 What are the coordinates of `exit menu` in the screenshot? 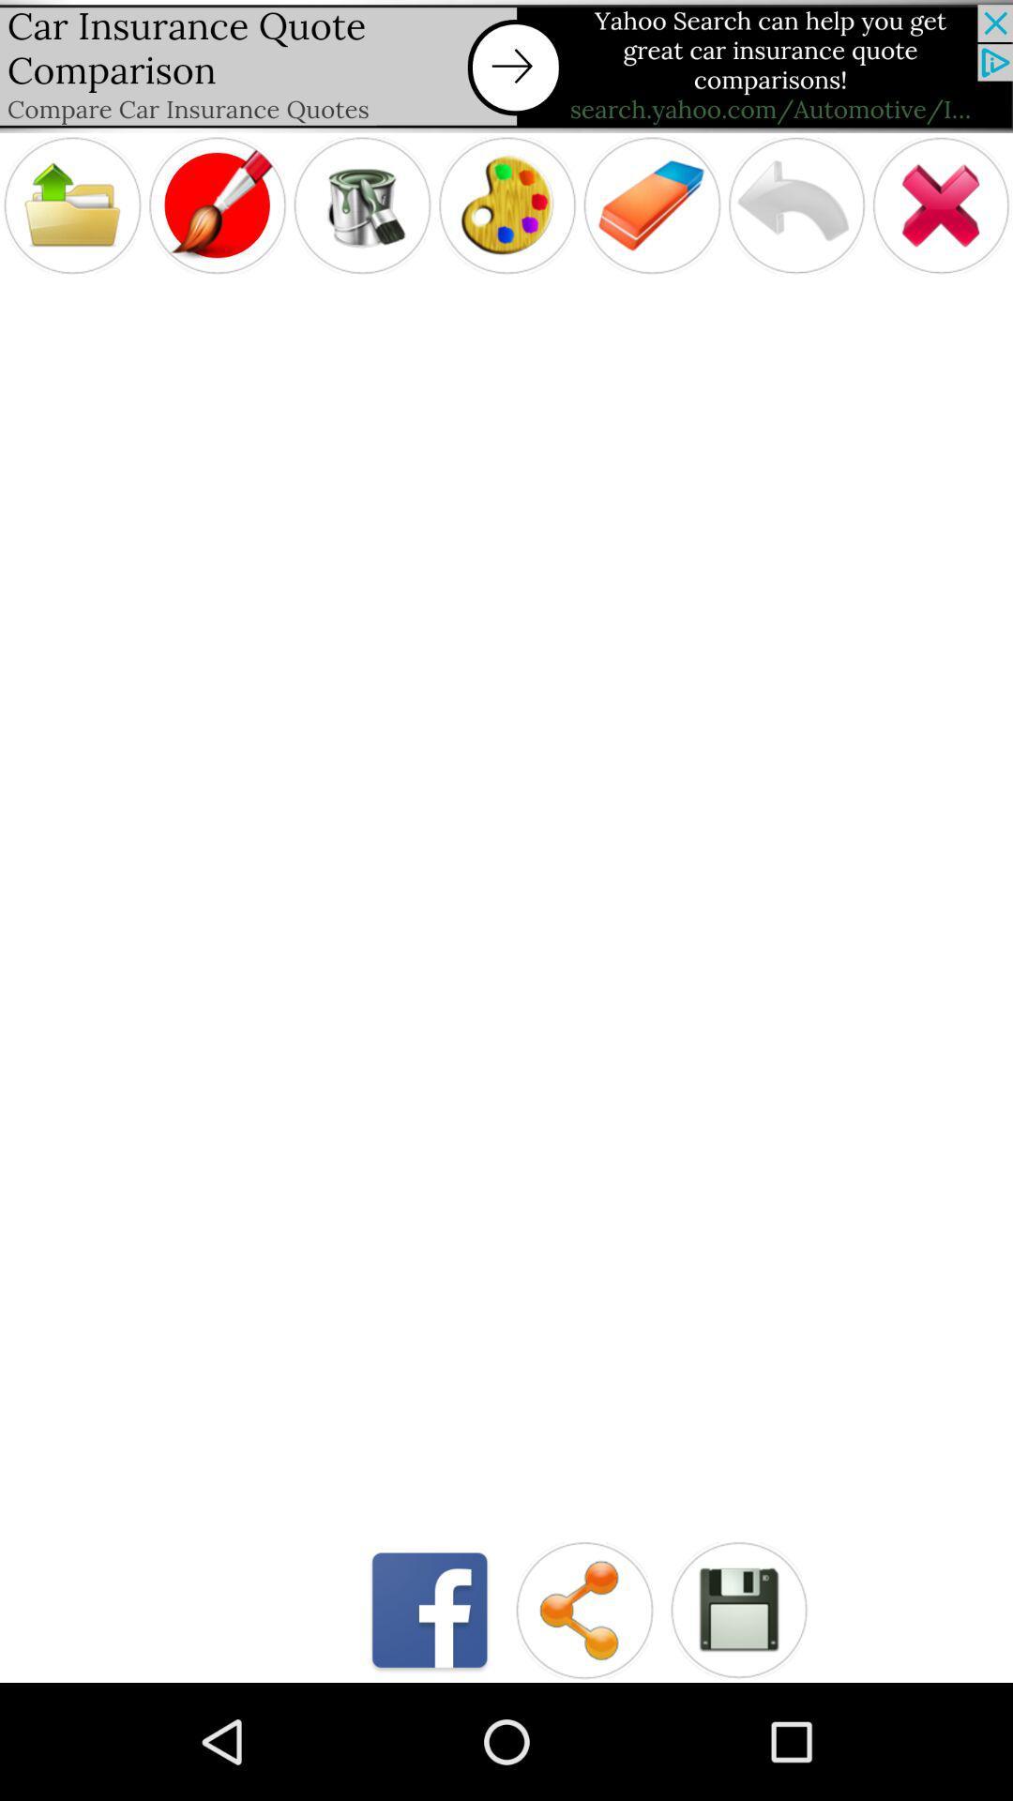 It's located at (941, 205).